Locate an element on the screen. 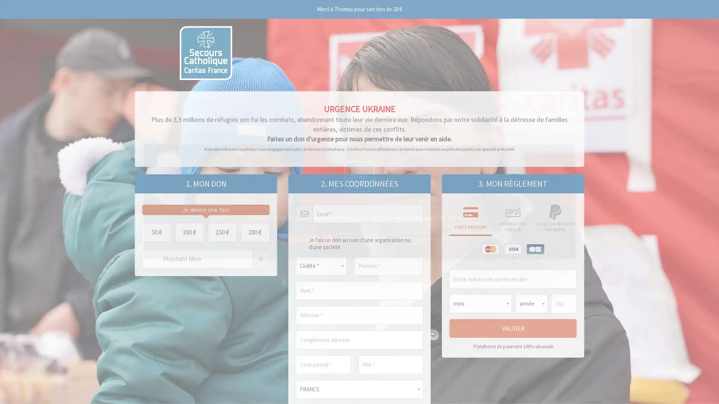 This screenshot has height=404, width=719. Personalize (modal window) is located at coordinates (421, 239).